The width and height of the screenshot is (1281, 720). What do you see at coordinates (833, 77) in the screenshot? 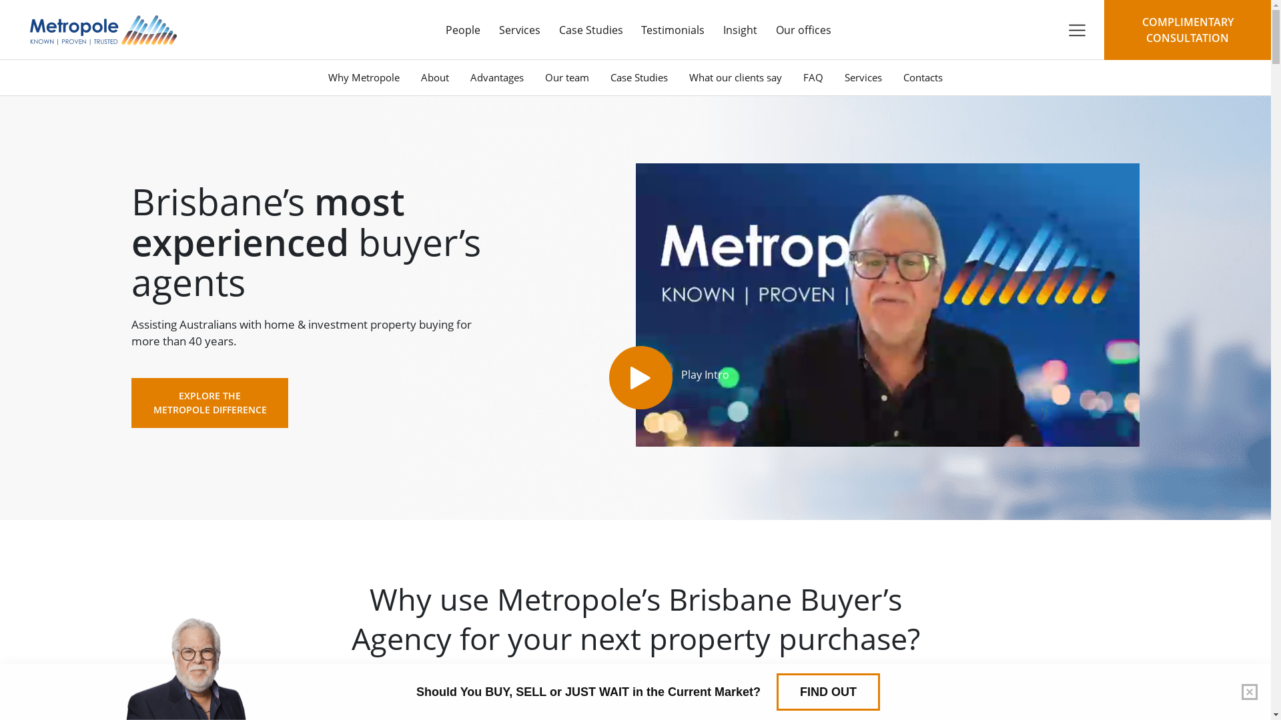
I see `'Services'` at bounding box center [833, 77].